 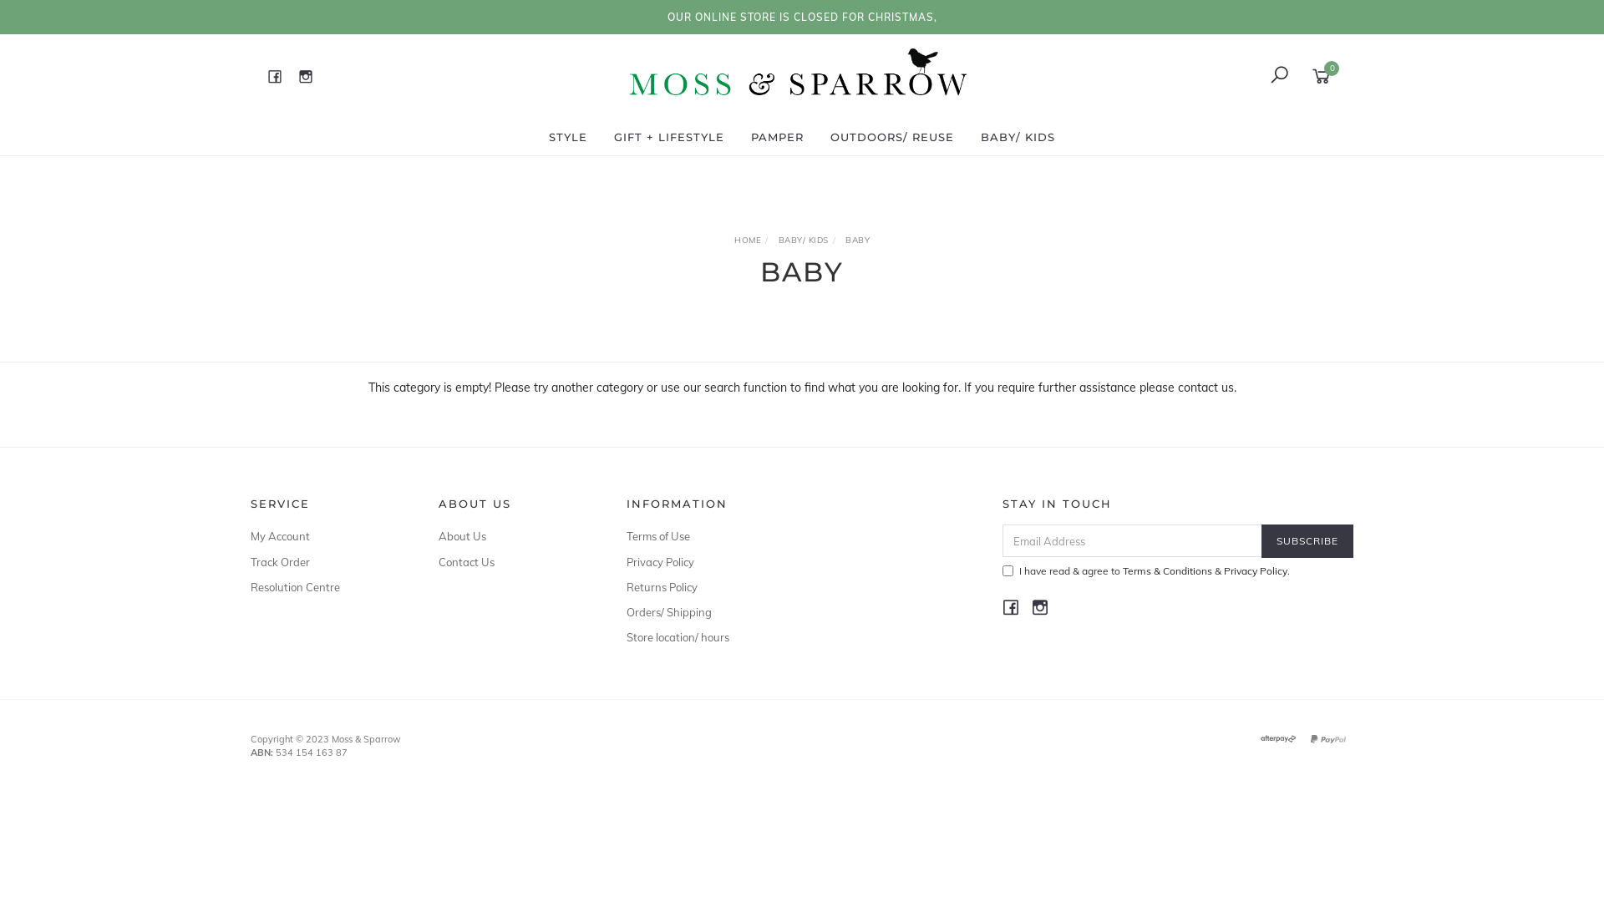 What do you see at coordinates (325, 535) in the screenshot?
I see `'My Account'` at bounding box center [325, 535].